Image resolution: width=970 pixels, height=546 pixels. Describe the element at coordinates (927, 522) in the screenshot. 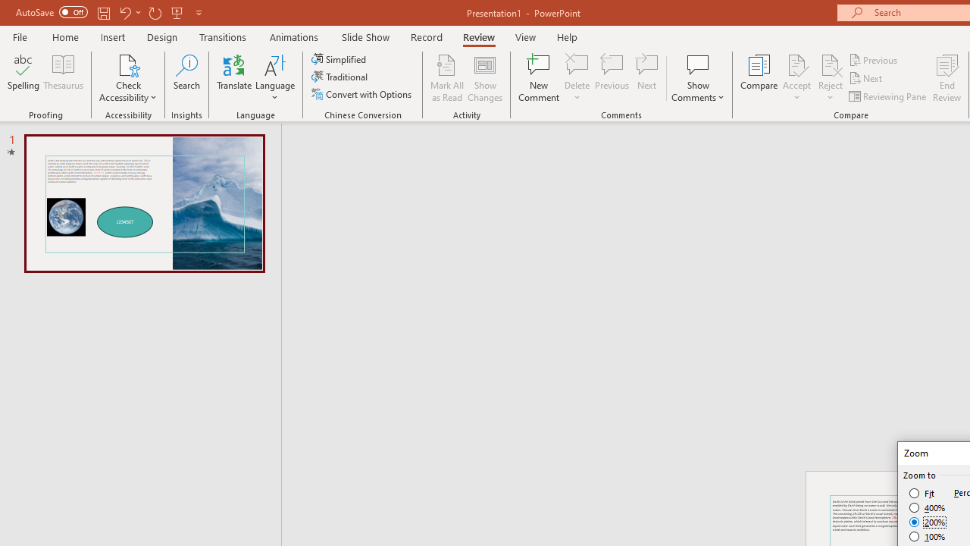

I see `'200%'` at that location.